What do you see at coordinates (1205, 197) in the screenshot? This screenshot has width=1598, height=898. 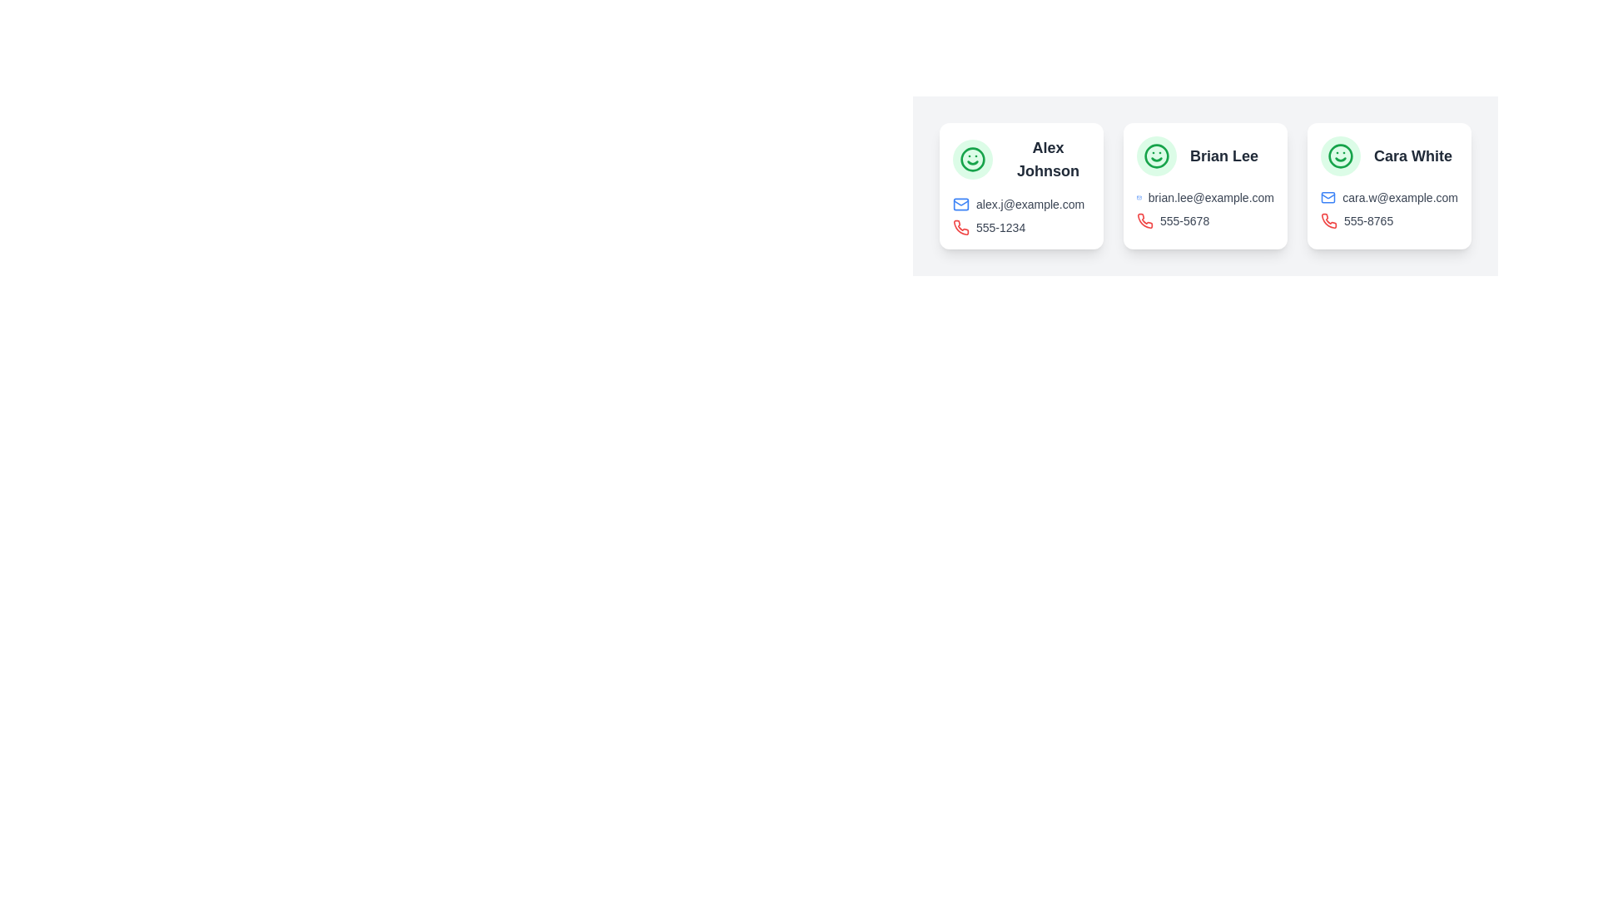 I see `email address displayed in the text label located beneath 'Brian Lee' and above '555-5678' in the second user information card from the left` at bounding box center [1205, 197].